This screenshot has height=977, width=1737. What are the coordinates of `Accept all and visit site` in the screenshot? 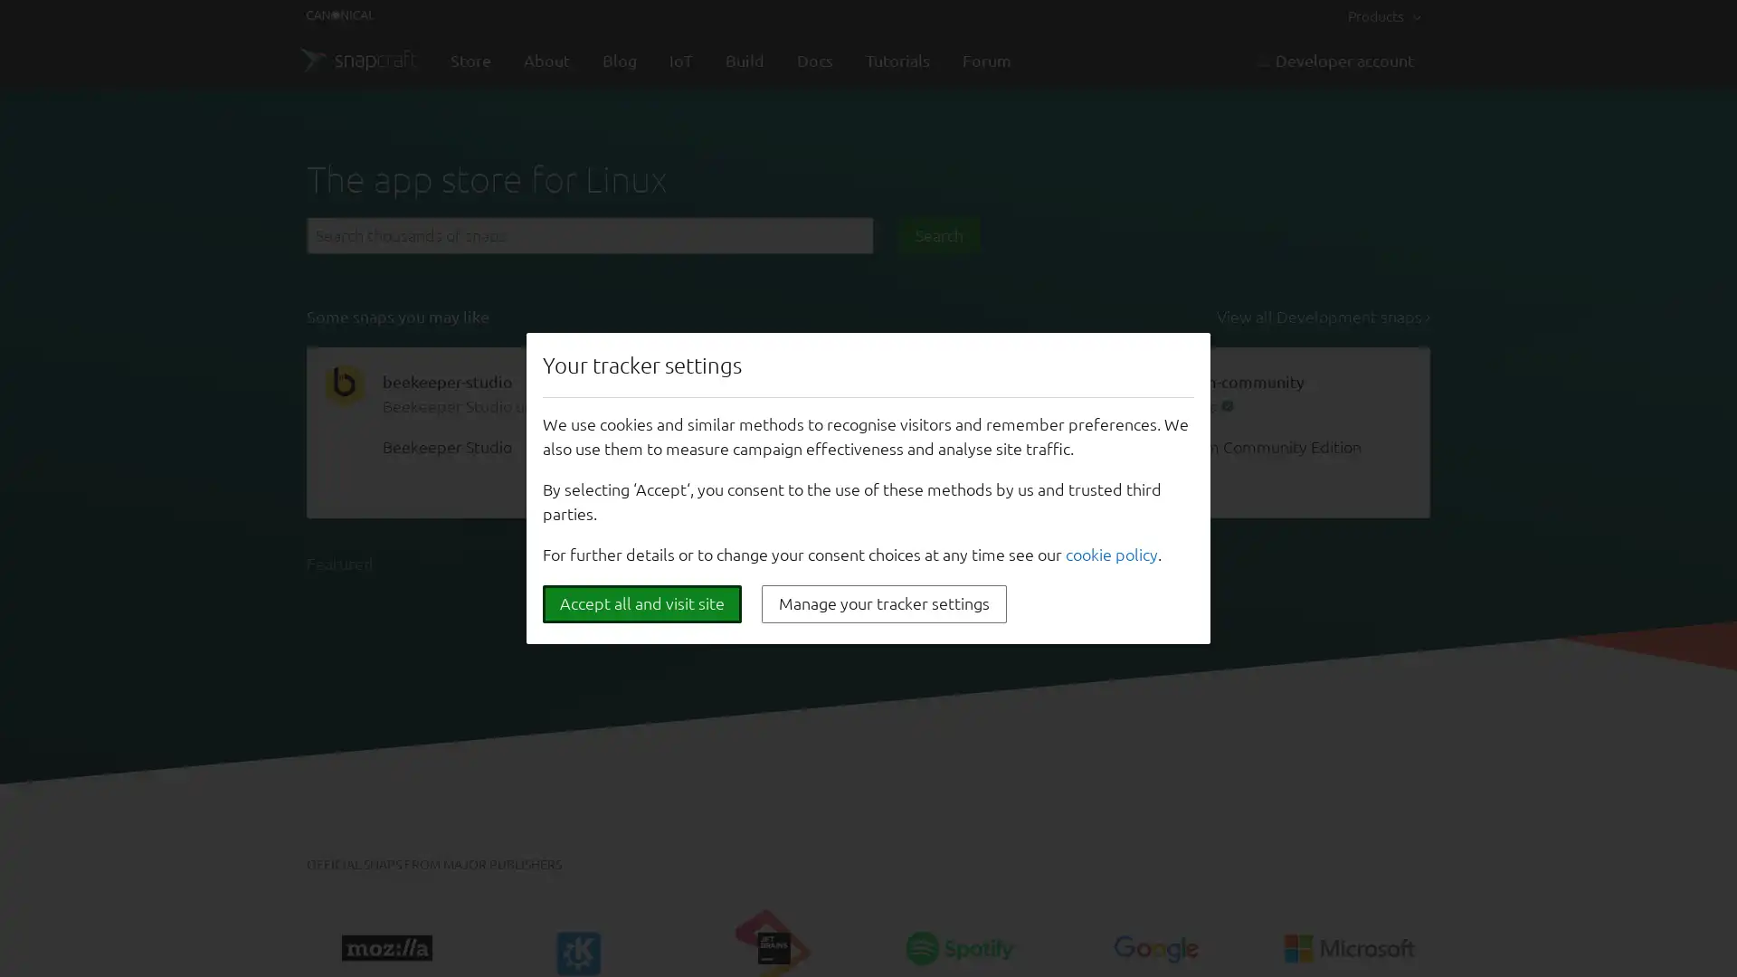 It's located at (642, 603).